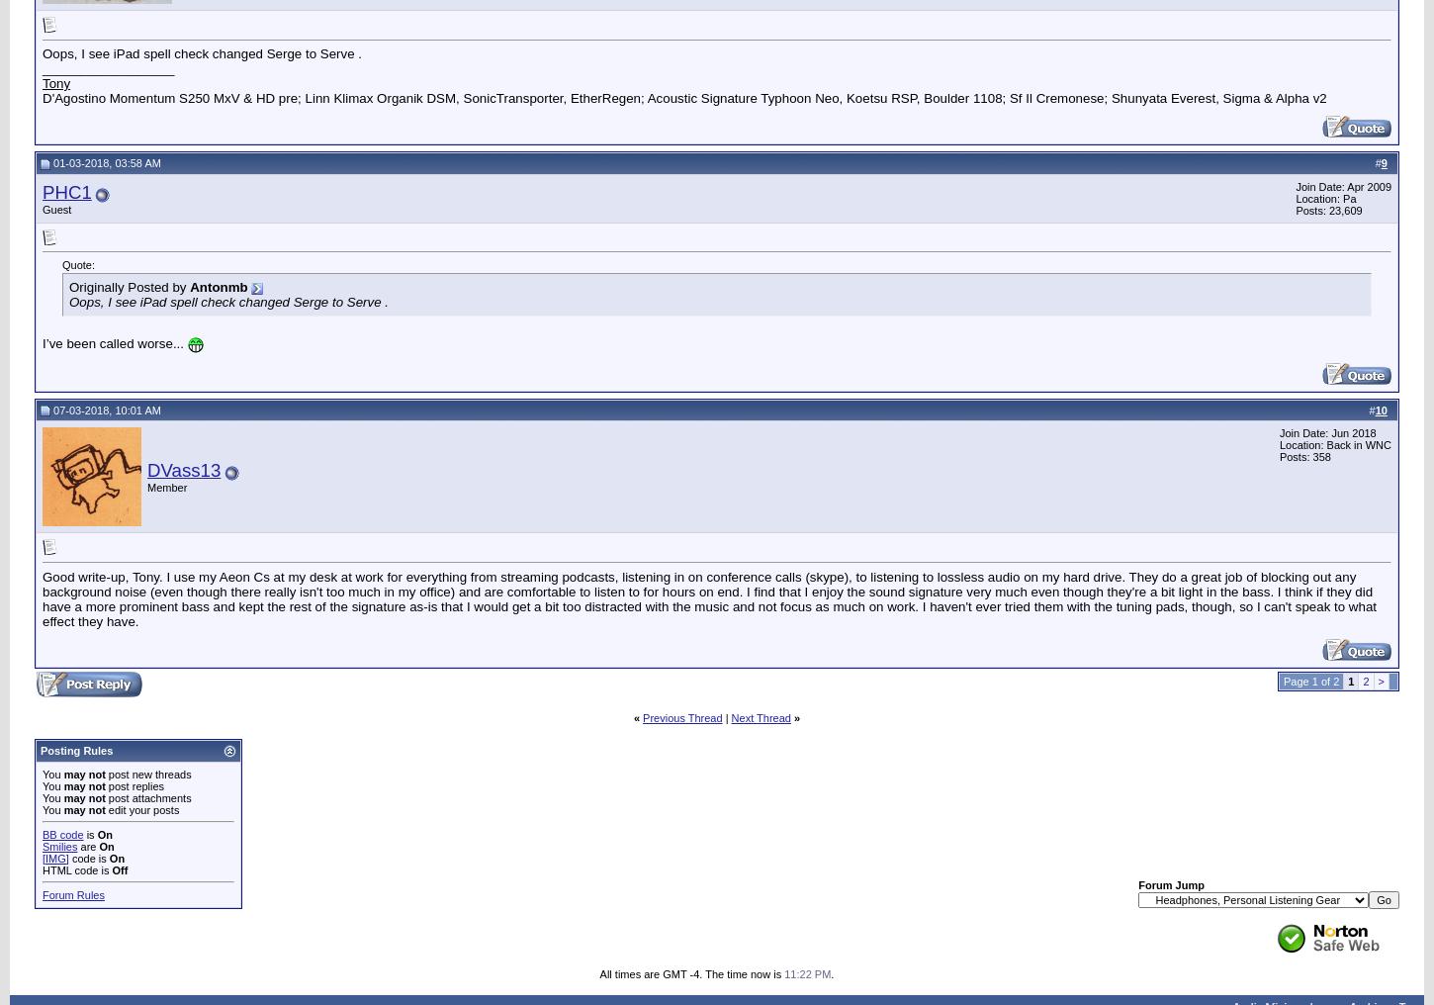 The height and width of the screenshot is (1005, 1434). Describe the element at coordinates (88, 845) in the screenshot. I see `'are'` at that location.